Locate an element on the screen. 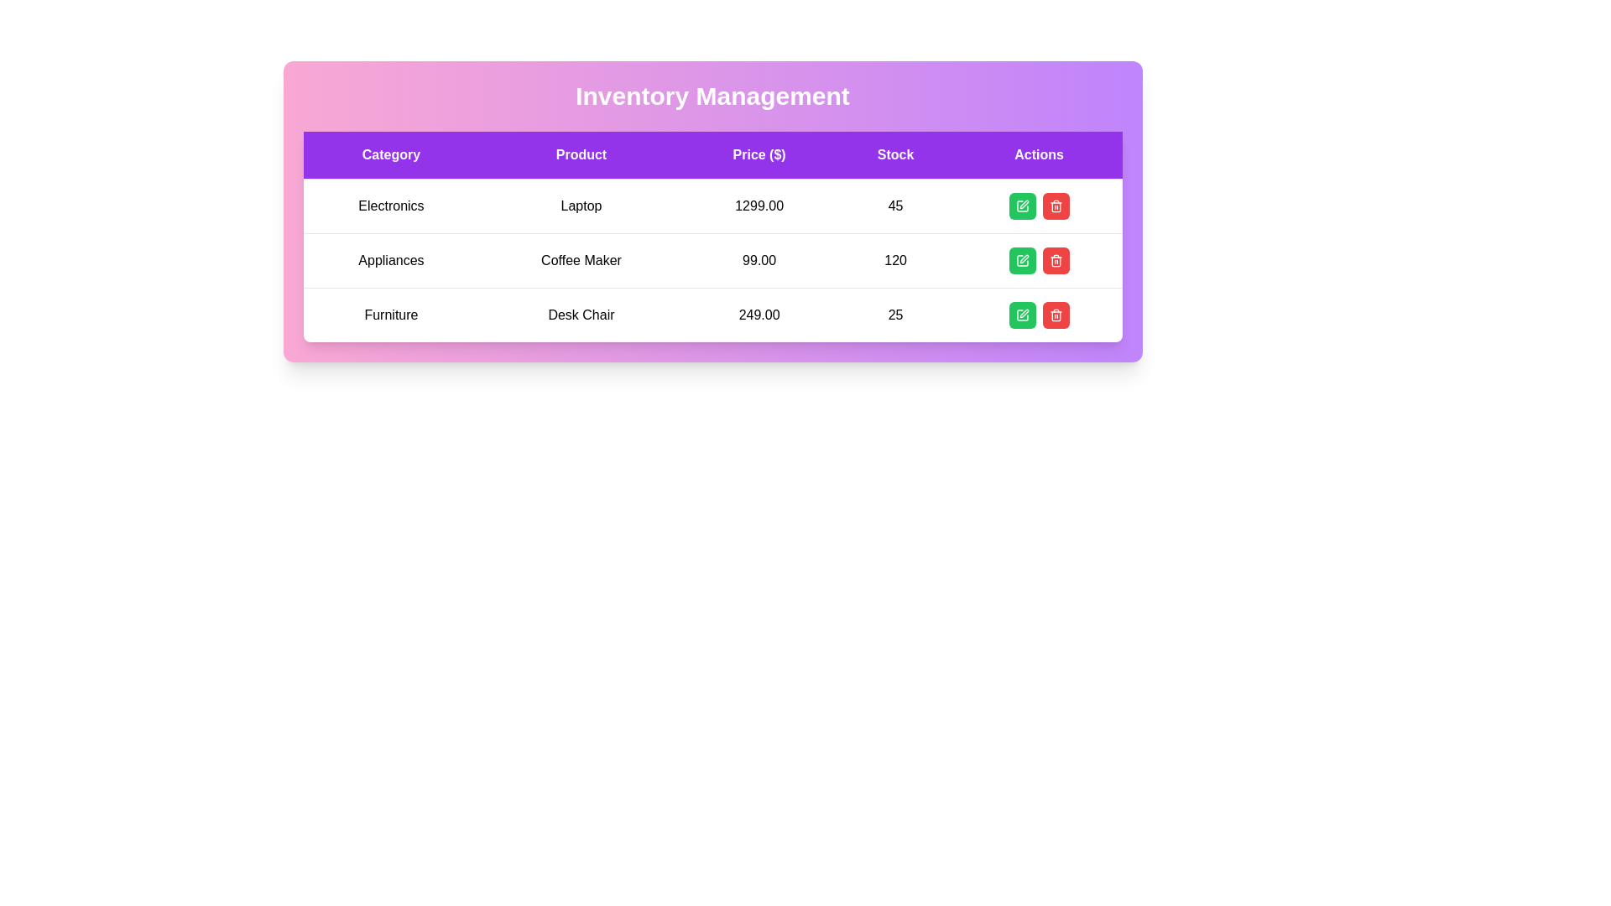  the 'Price ($)' table header, which indicates that the values in its corresponding column represent prices in dollars, located between the 'Product' and 'Stock' headers is located at coordinates (759, 155).